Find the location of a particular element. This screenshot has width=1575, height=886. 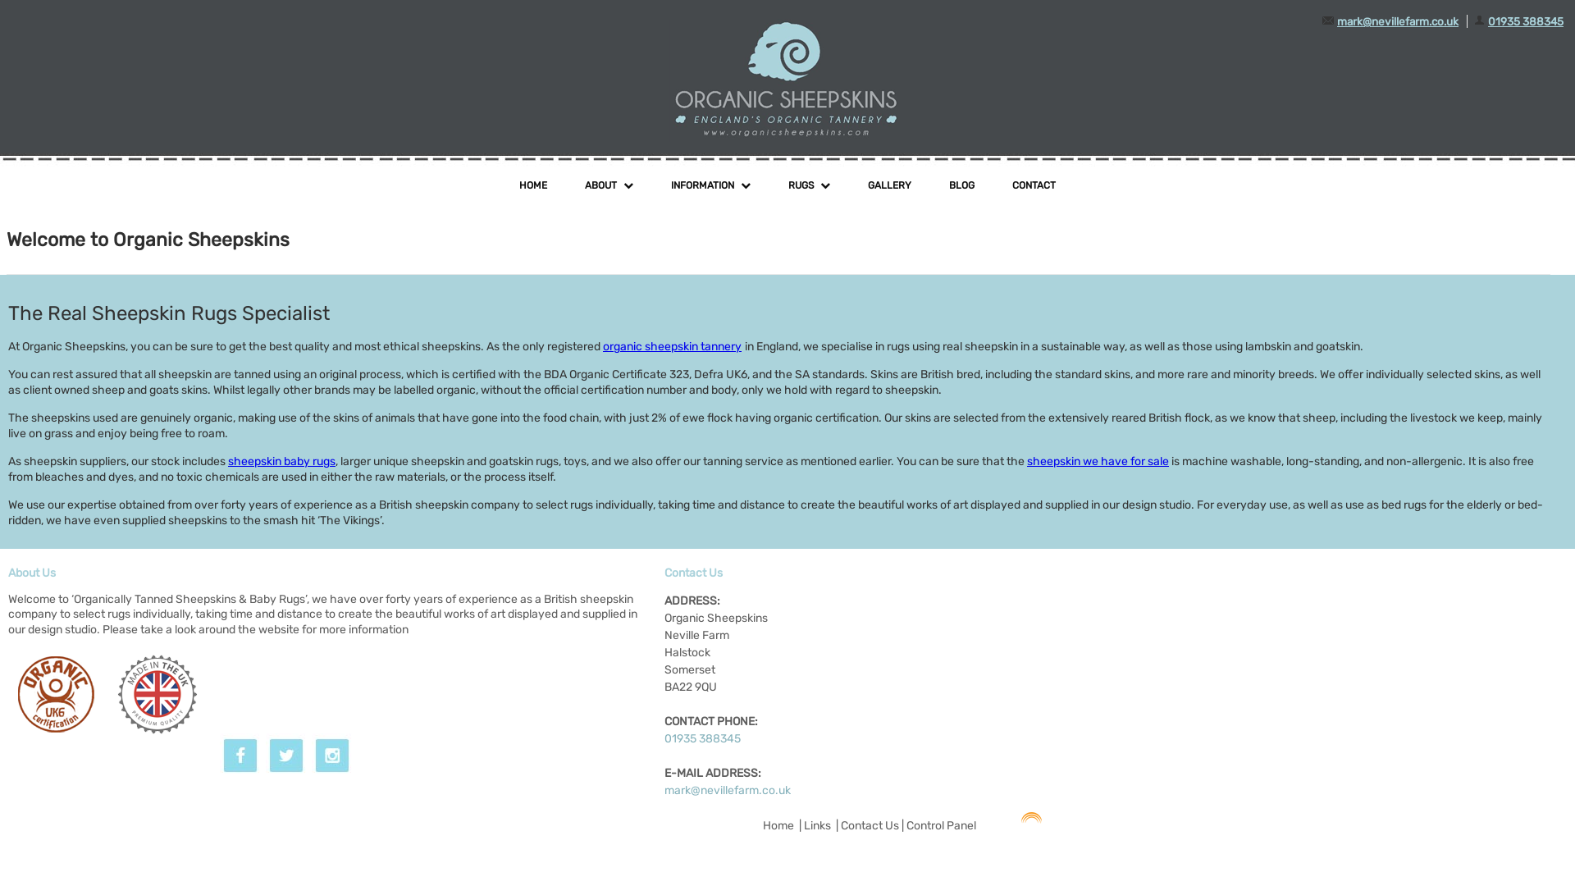

'RUGS' is located at coordinates (809, 185).